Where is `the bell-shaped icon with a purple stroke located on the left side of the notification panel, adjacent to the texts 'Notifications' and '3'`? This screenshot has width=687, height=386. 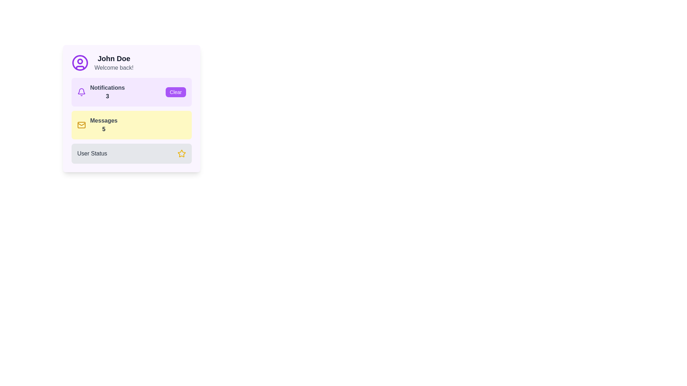 the bell-shaped icon with a purple stroke located on the left side of the notification panel, adjacent to the texts 'Notifications' and '3' is located at coordinates (81, 92).